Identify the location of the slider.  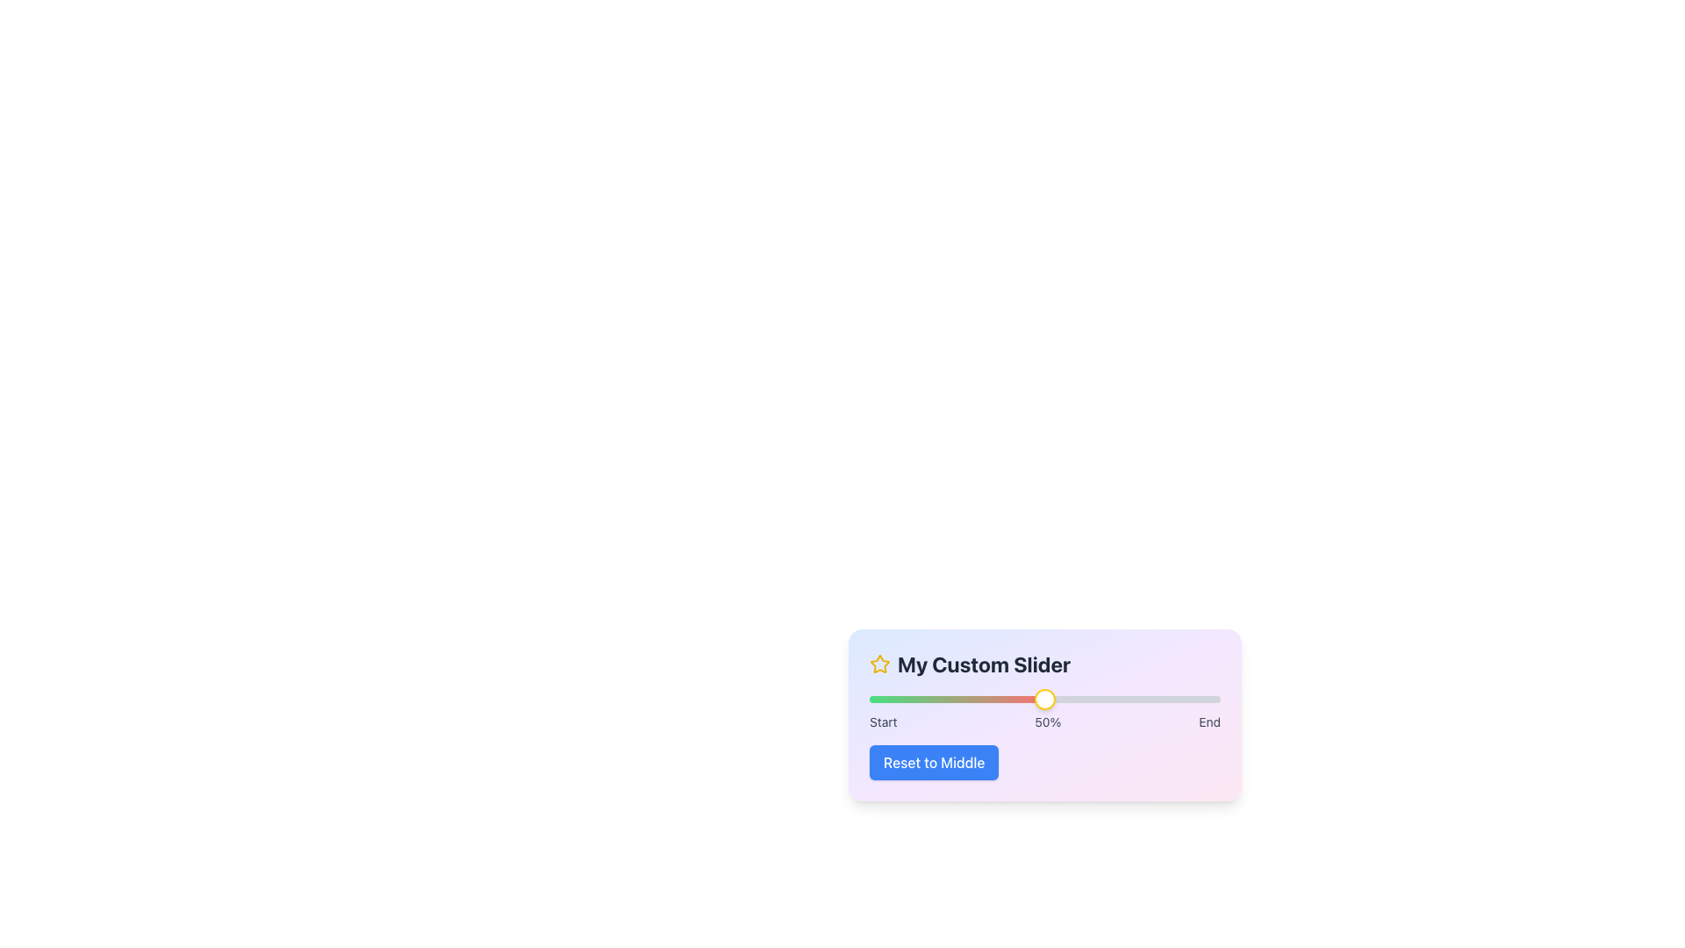
(973, 699).